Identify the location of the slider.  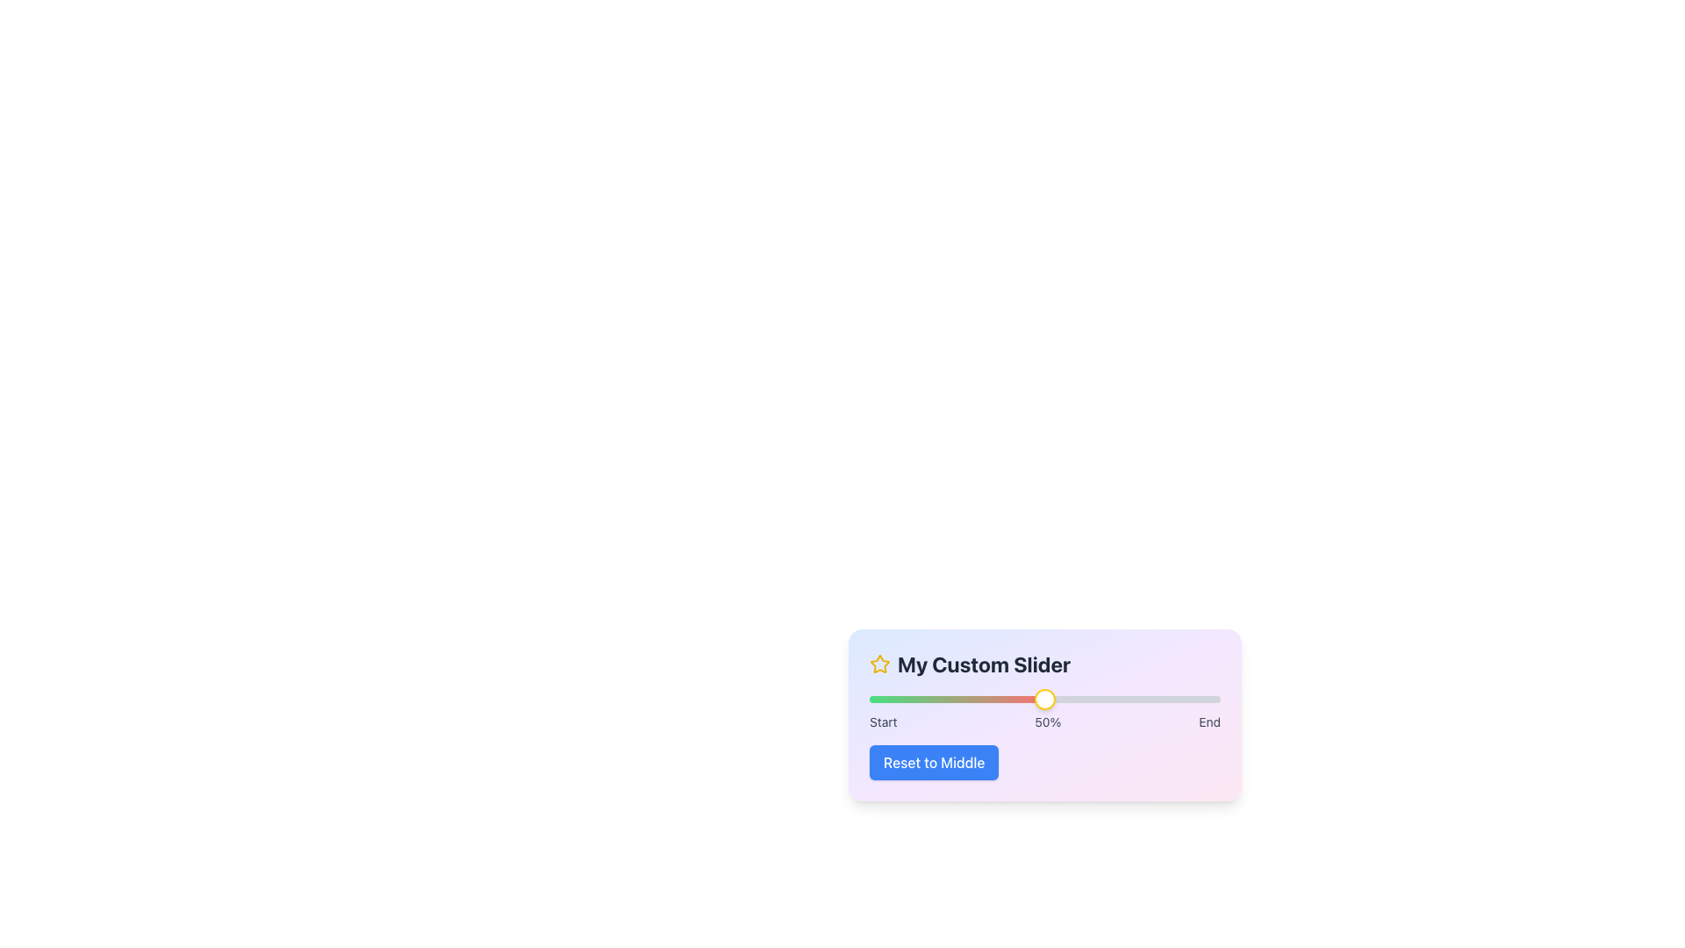
(973, 699).